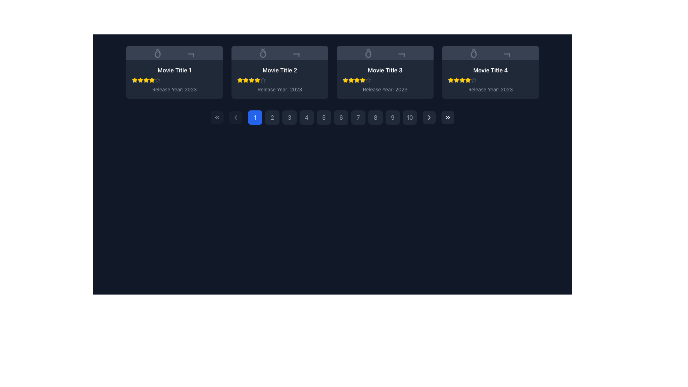 This screenshot has height=387, width=688. I want to click on the pagination button located at the far-right end of the navigation controls to skip multiple pages forward in the paginated list, so click(447, 117).